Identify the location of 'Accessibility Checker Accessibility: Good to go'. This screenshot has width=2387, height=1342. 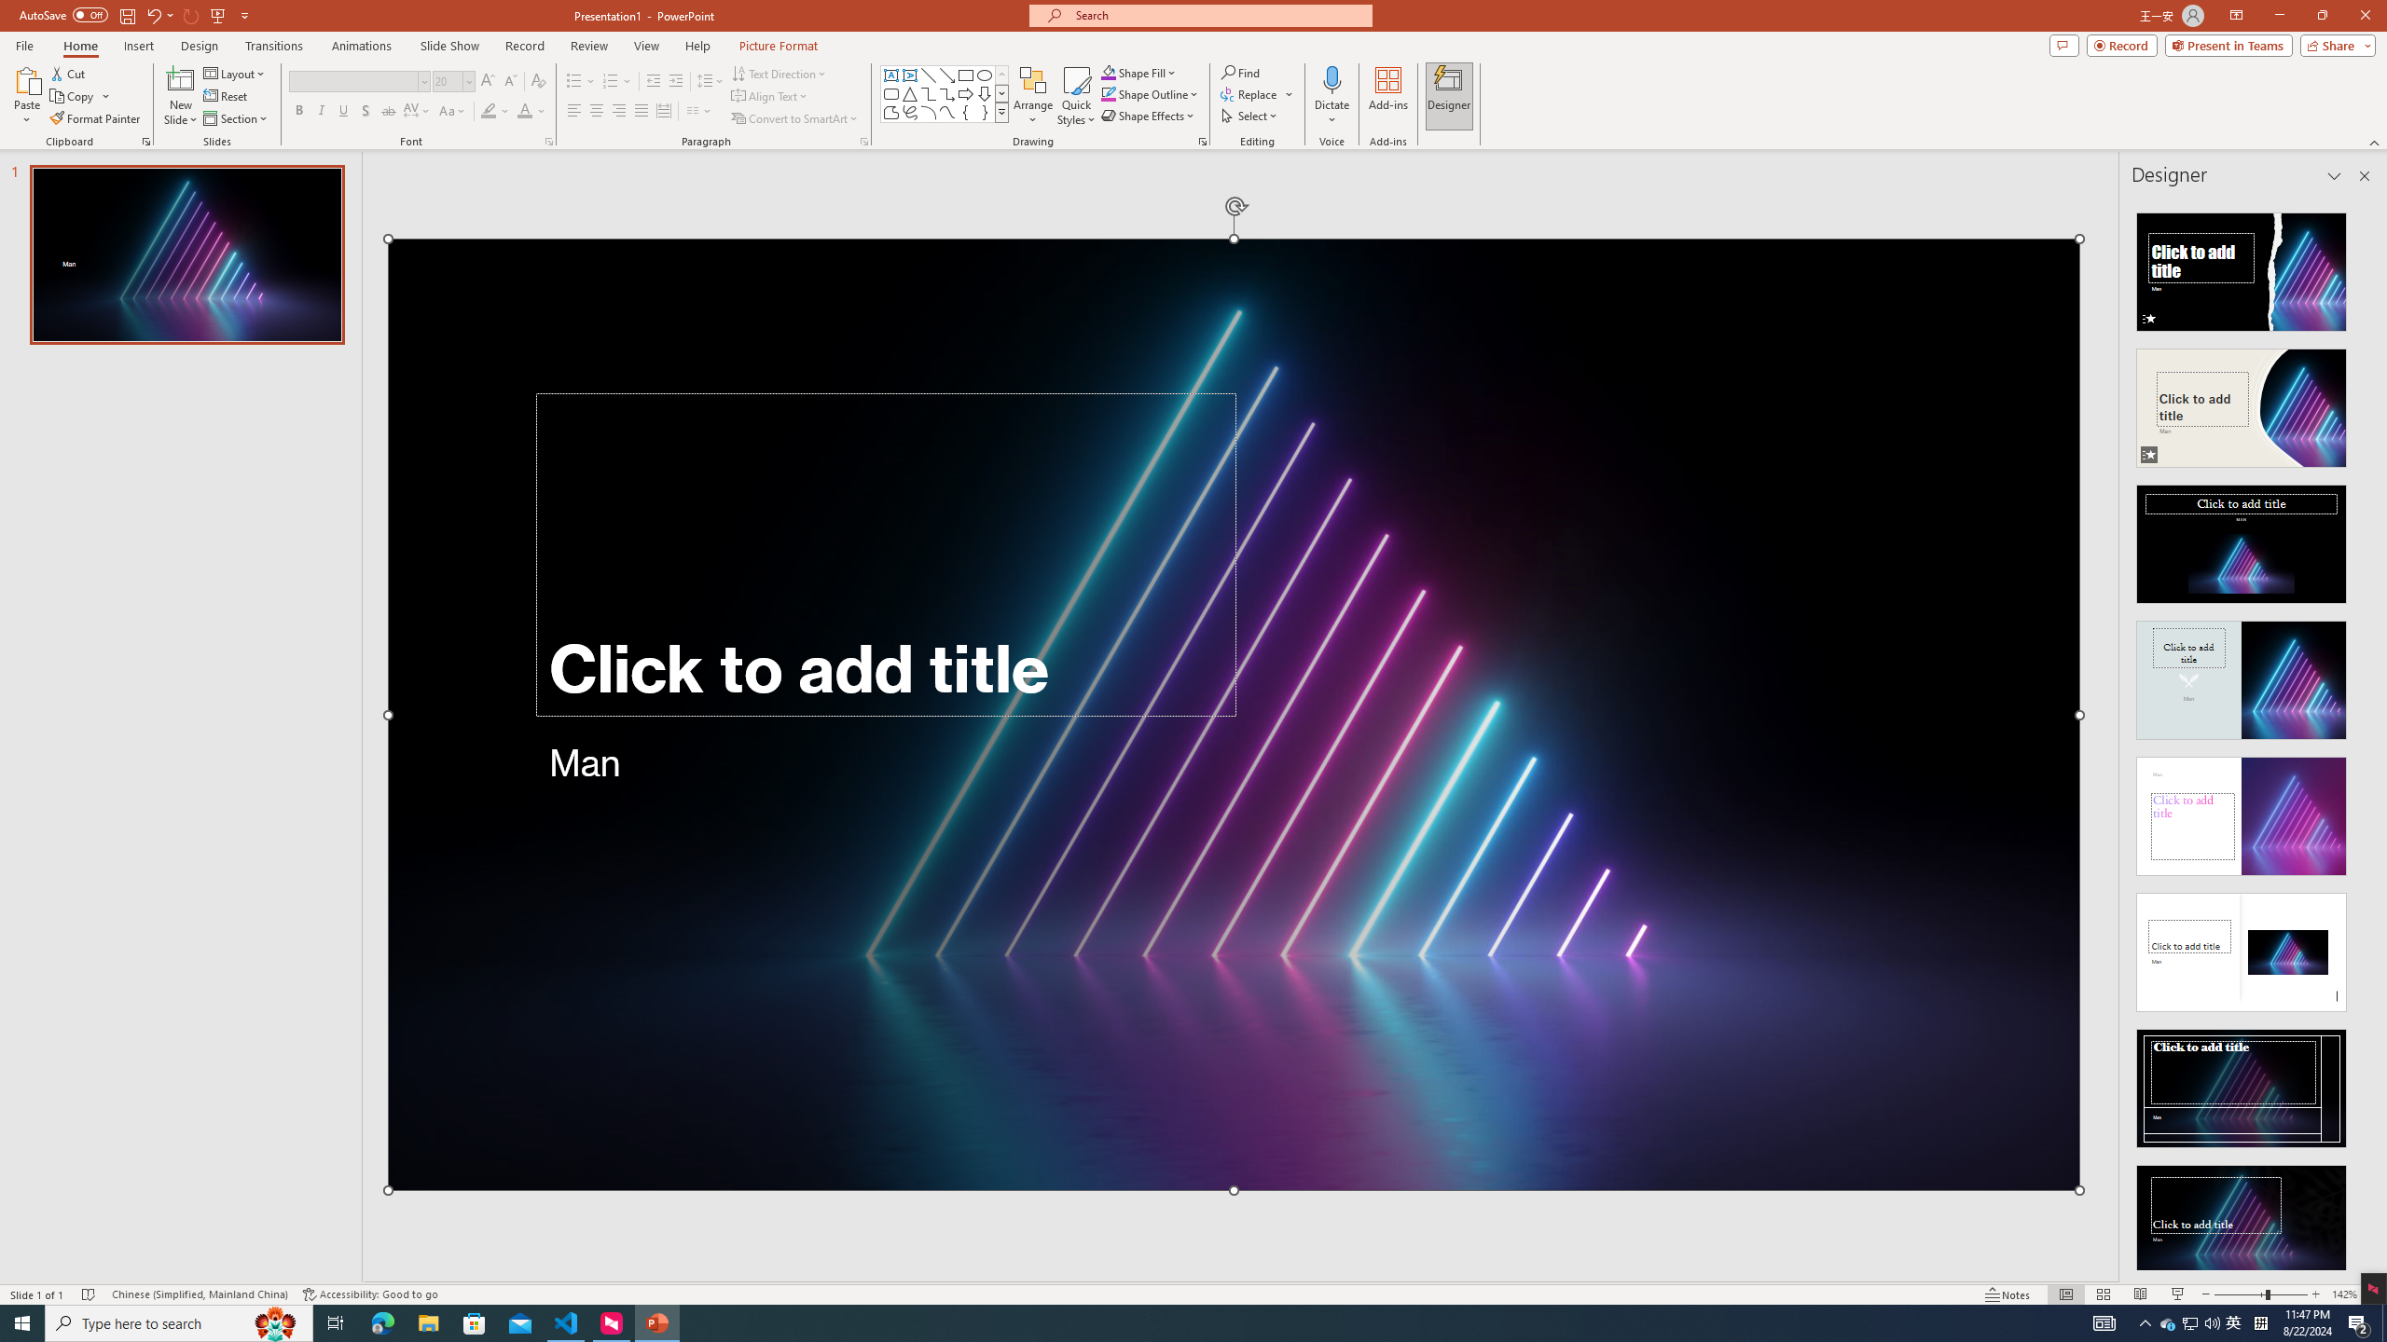
(371, 1294).